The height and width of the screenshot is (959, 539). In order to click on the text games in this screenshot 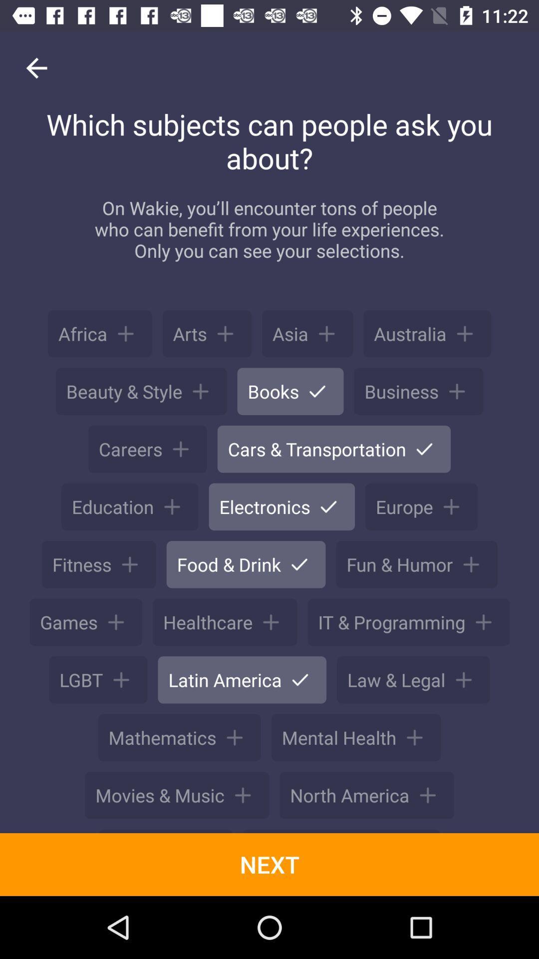, I will do `click(85, 622)`.